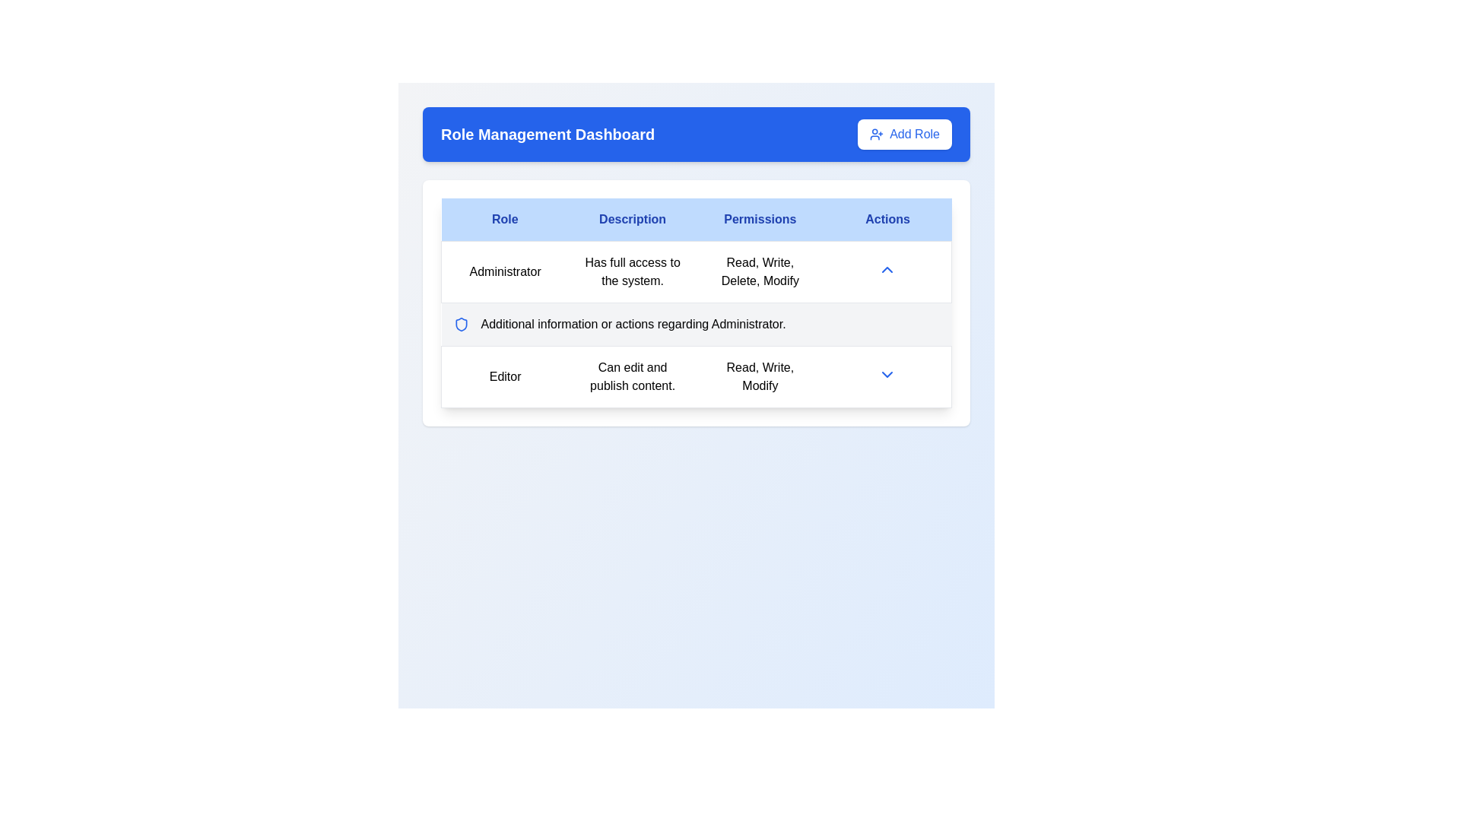  What do you see at coordinates (633, 220) in the screenshot?
I see `the 'Description' label in the header row, which is styled with a light blue background and bold blue text, positioned centrally between 'Role' and 'Permissions'` at bounding box center [633, 220].